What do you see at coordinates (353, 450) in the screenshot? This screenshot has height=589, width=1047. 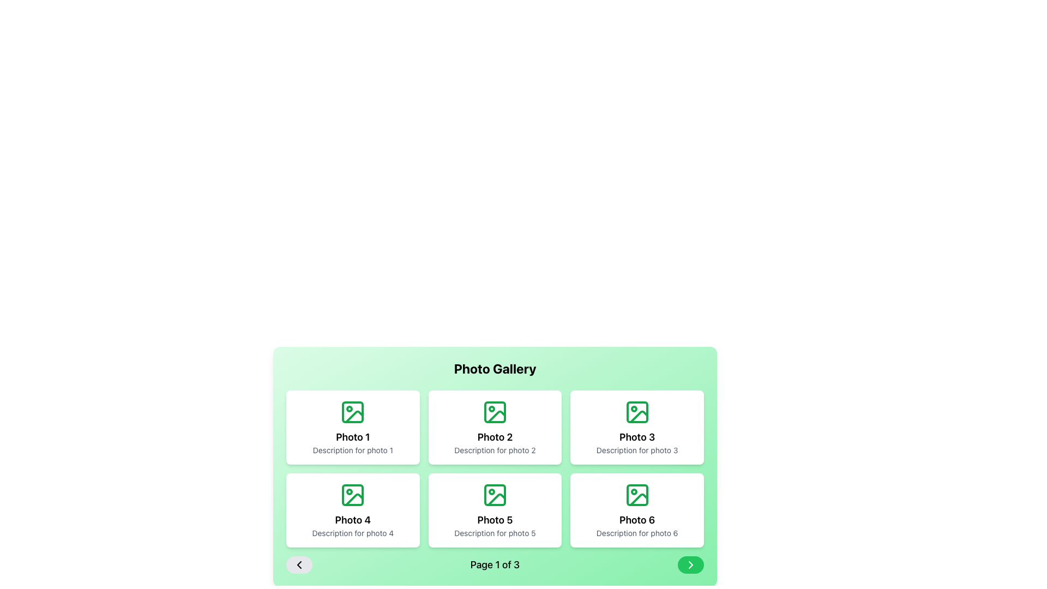 I see `the text label that reads 'Description for photo 1', which is located at the bottom of the card labeled 'Photo 1' in the photo gallery interface` at bounding box center [353, 450].